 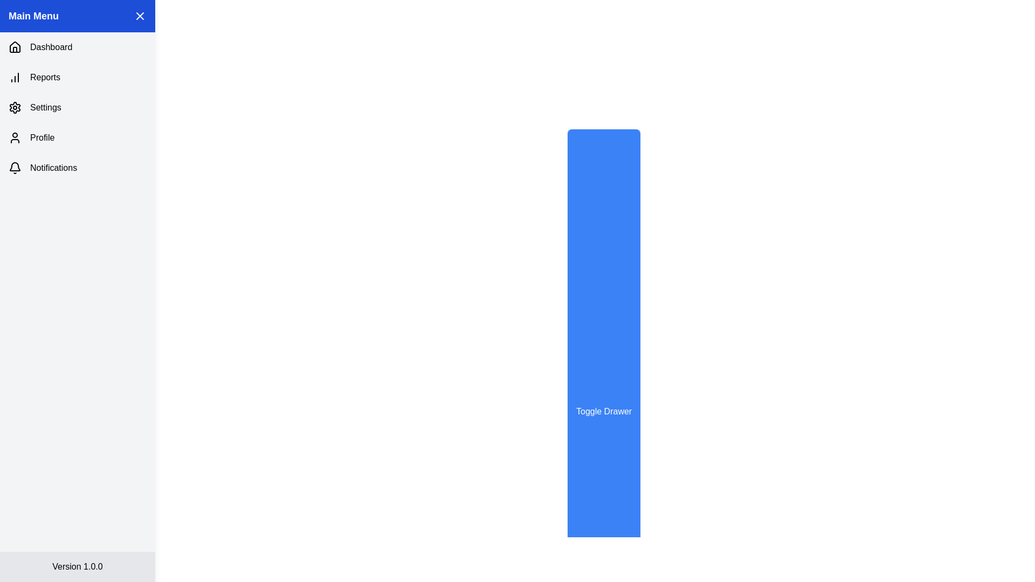 I want to click on the settings icon located centrally in the left sidebar menu, indicating access to settings, so click(x=15, y=108).